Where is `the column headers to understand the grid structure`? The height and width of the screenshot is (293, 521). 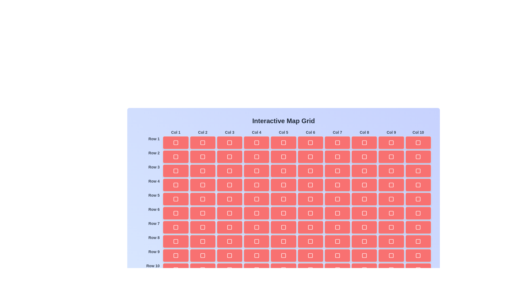 the column headers to understand the grid structure is located at coordinates (163, 130).